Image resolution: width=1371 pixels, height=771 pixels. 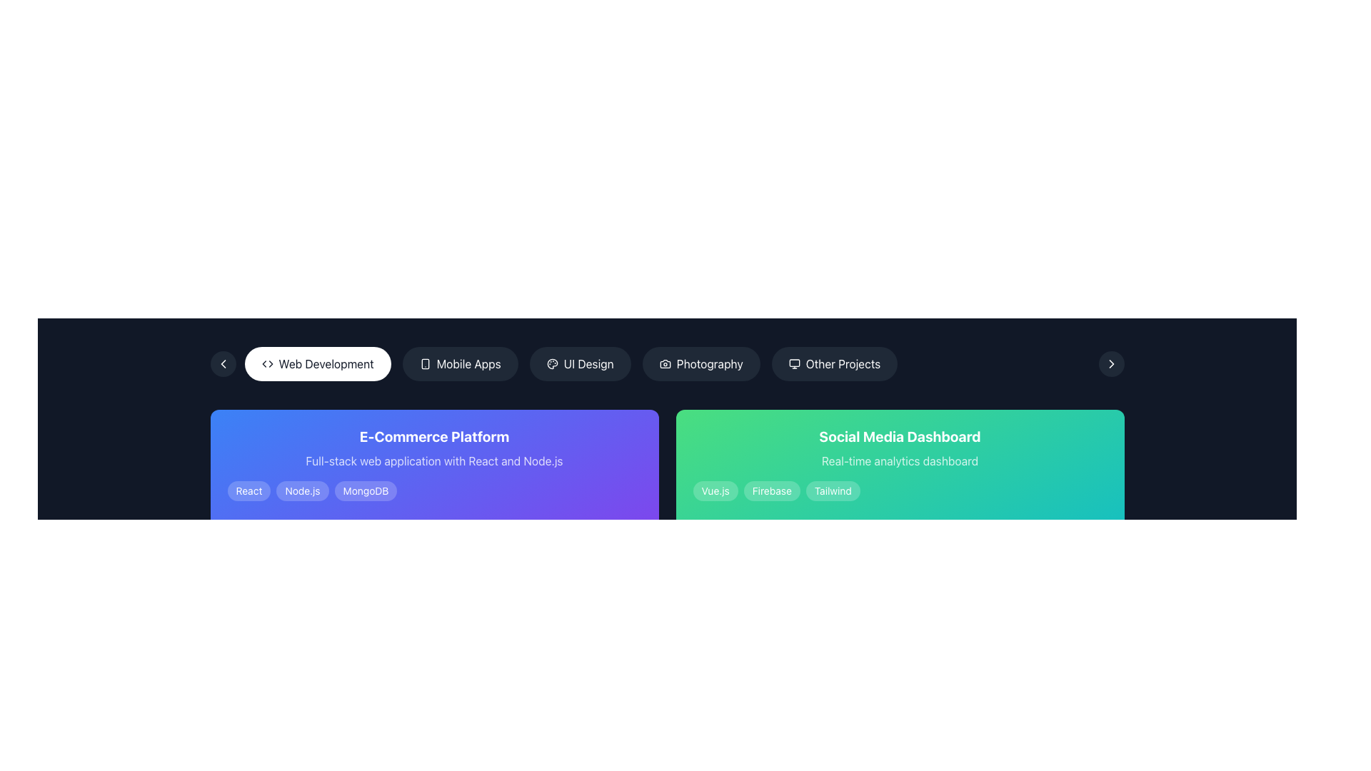 What do you see at coordinates (580, 363) in the screenshot?
I see `the third button in the horizontally aligned group of buttons` at bounding box center [580, 363].